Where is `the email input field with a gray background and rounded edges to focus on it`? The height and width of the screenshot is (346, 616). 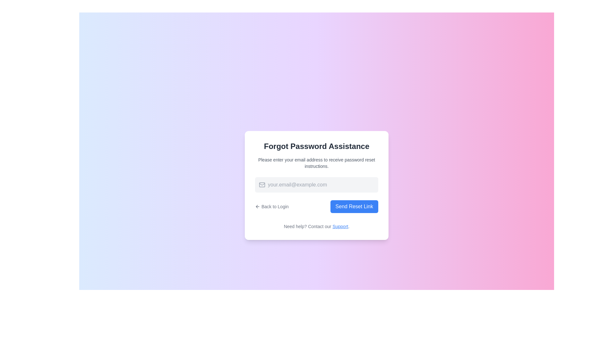
the email input field with a gray background and rounded edges to focus on it is located at coordinates (317, 185).